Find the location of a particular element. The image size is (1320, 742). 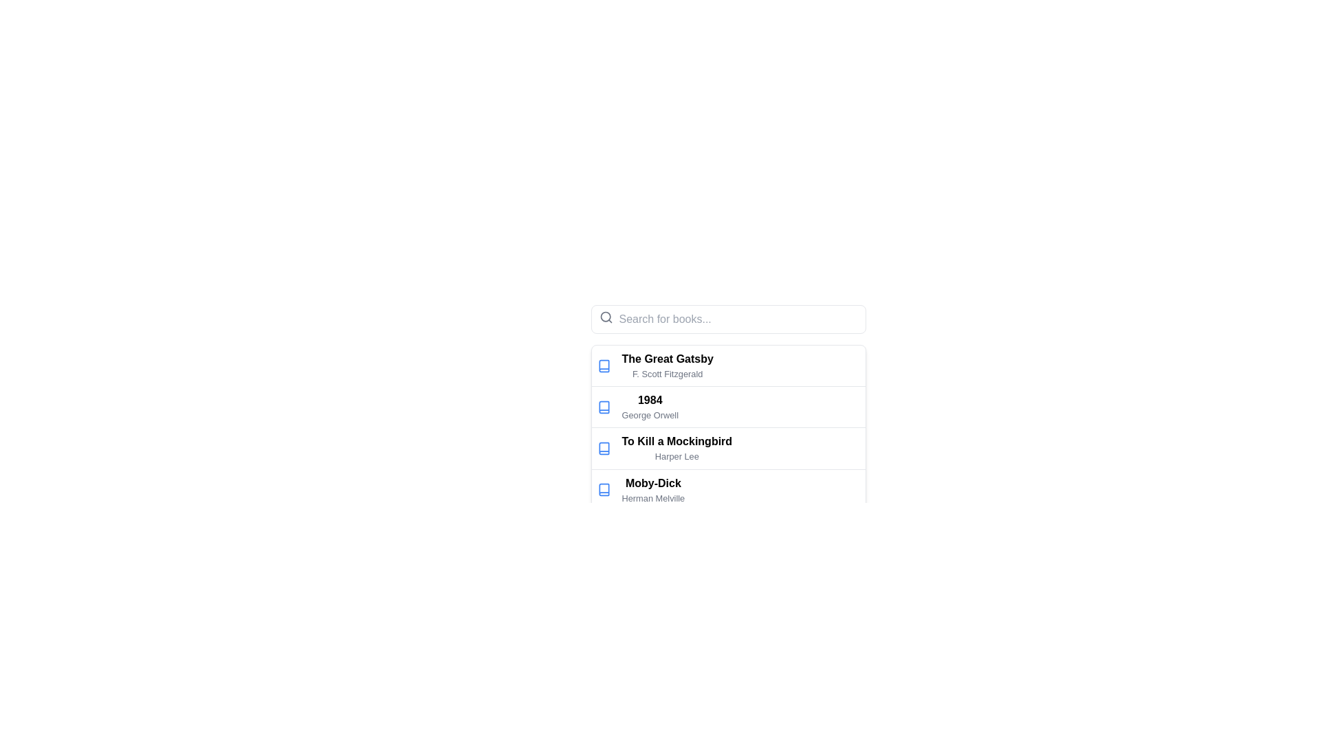

the blue book icon, which is the third icon in a vertical list is located at coordinates (604, 448).